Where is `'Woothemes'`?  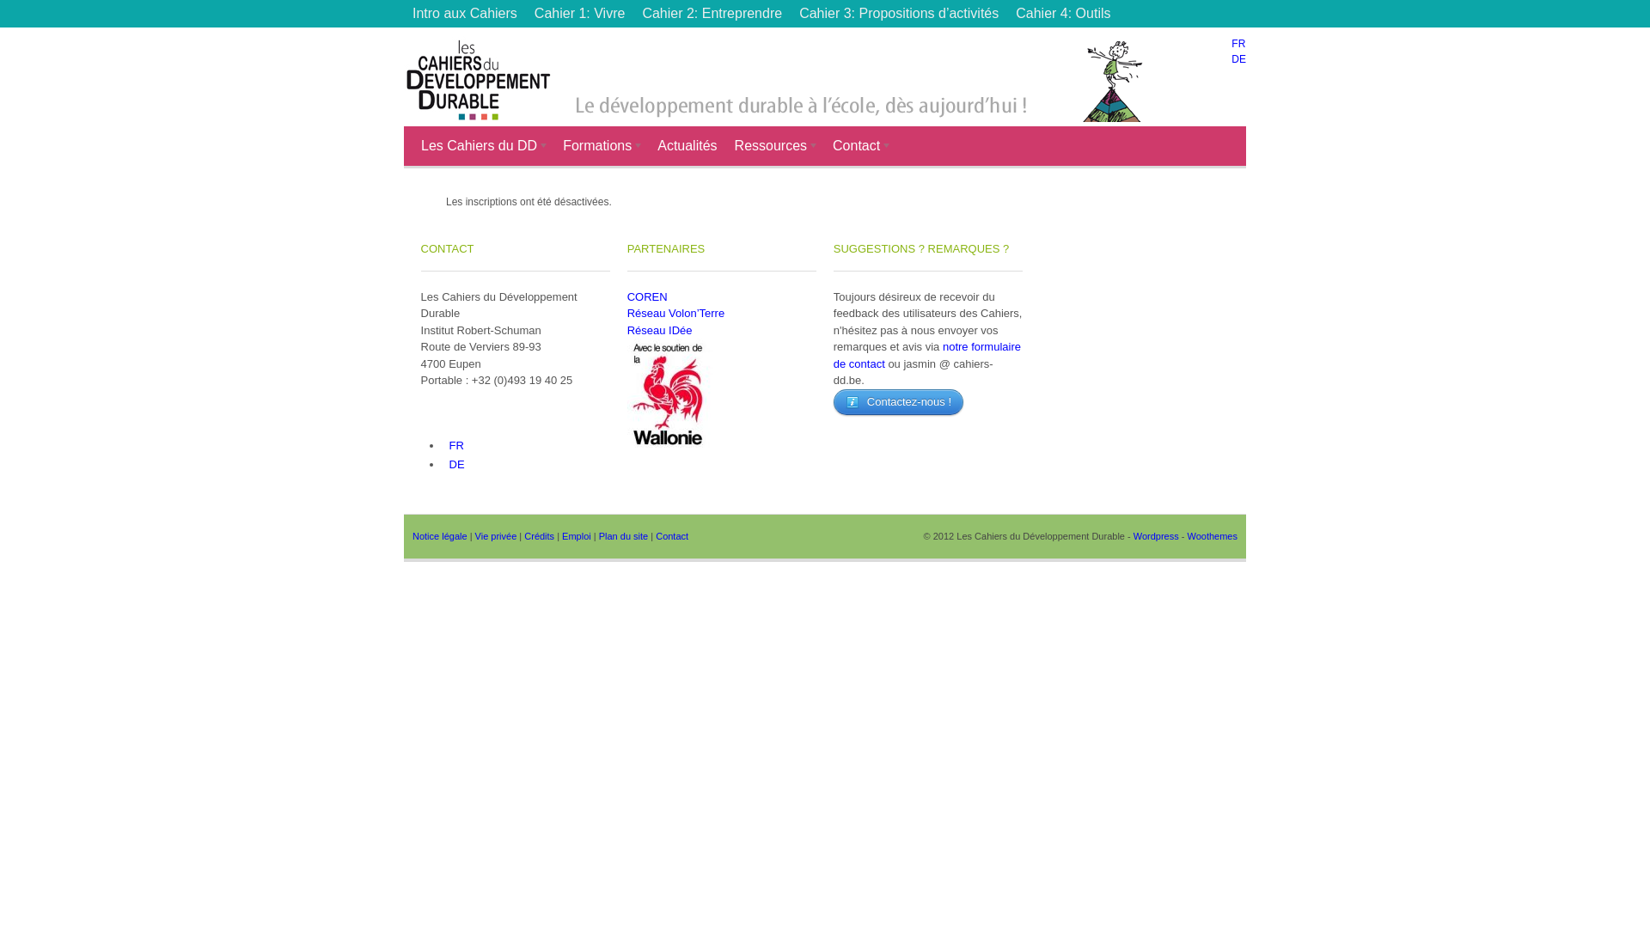 'Woothemes' is located at coordinates (1212, 535).